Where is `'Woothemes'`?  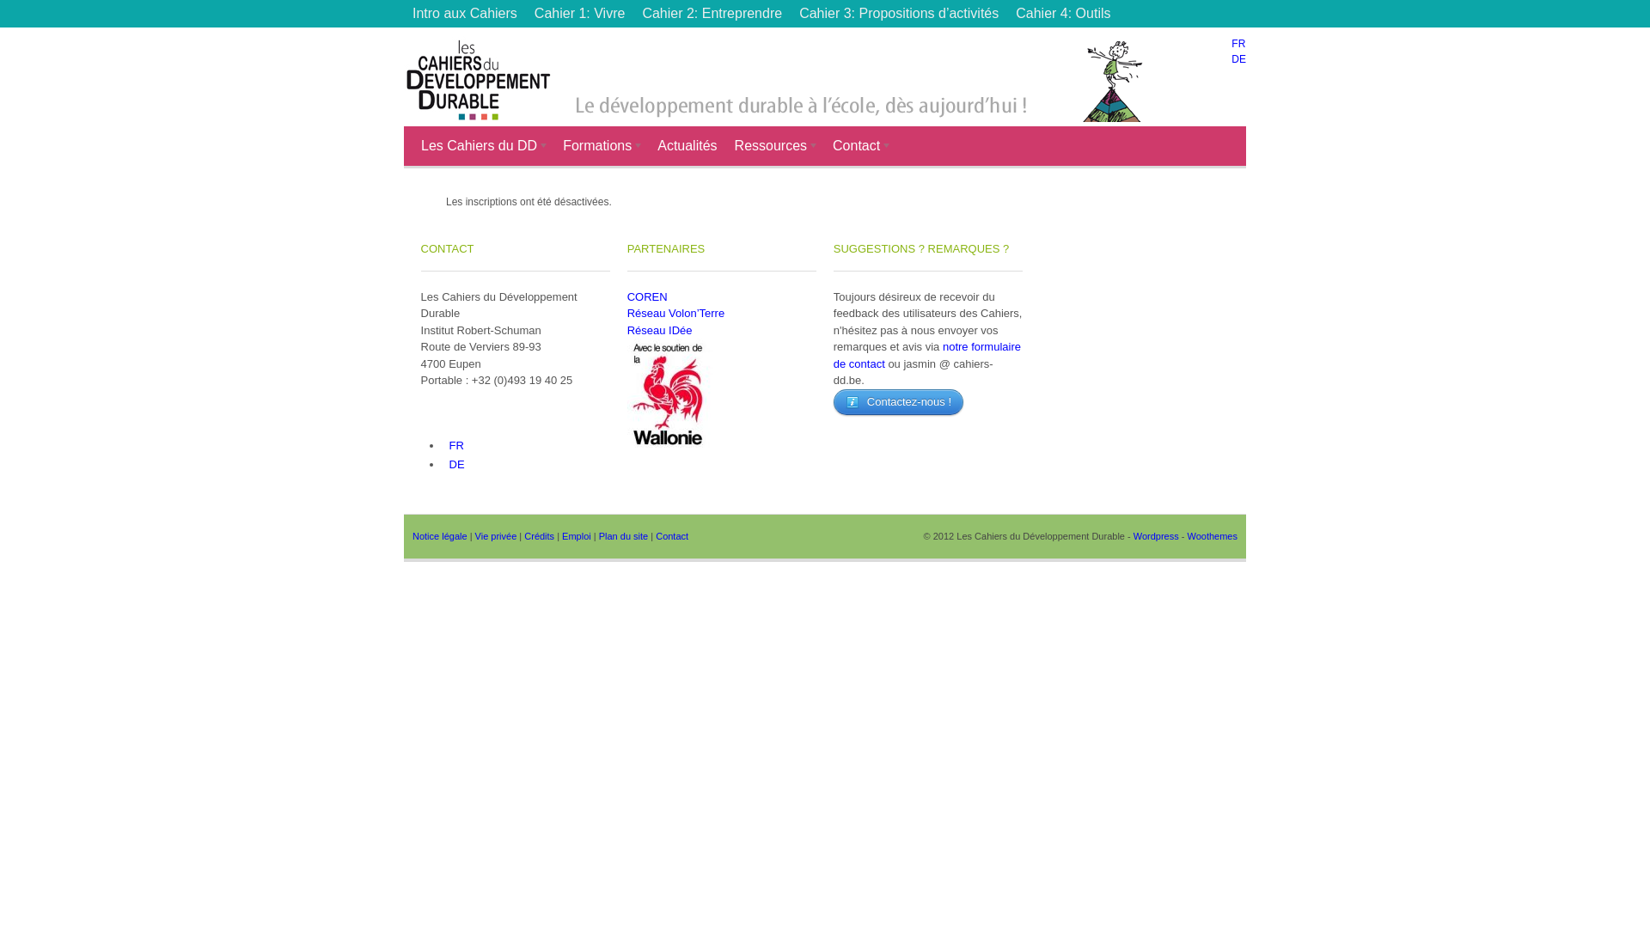 'Woothemes' is located at coordinates (1212, 535).